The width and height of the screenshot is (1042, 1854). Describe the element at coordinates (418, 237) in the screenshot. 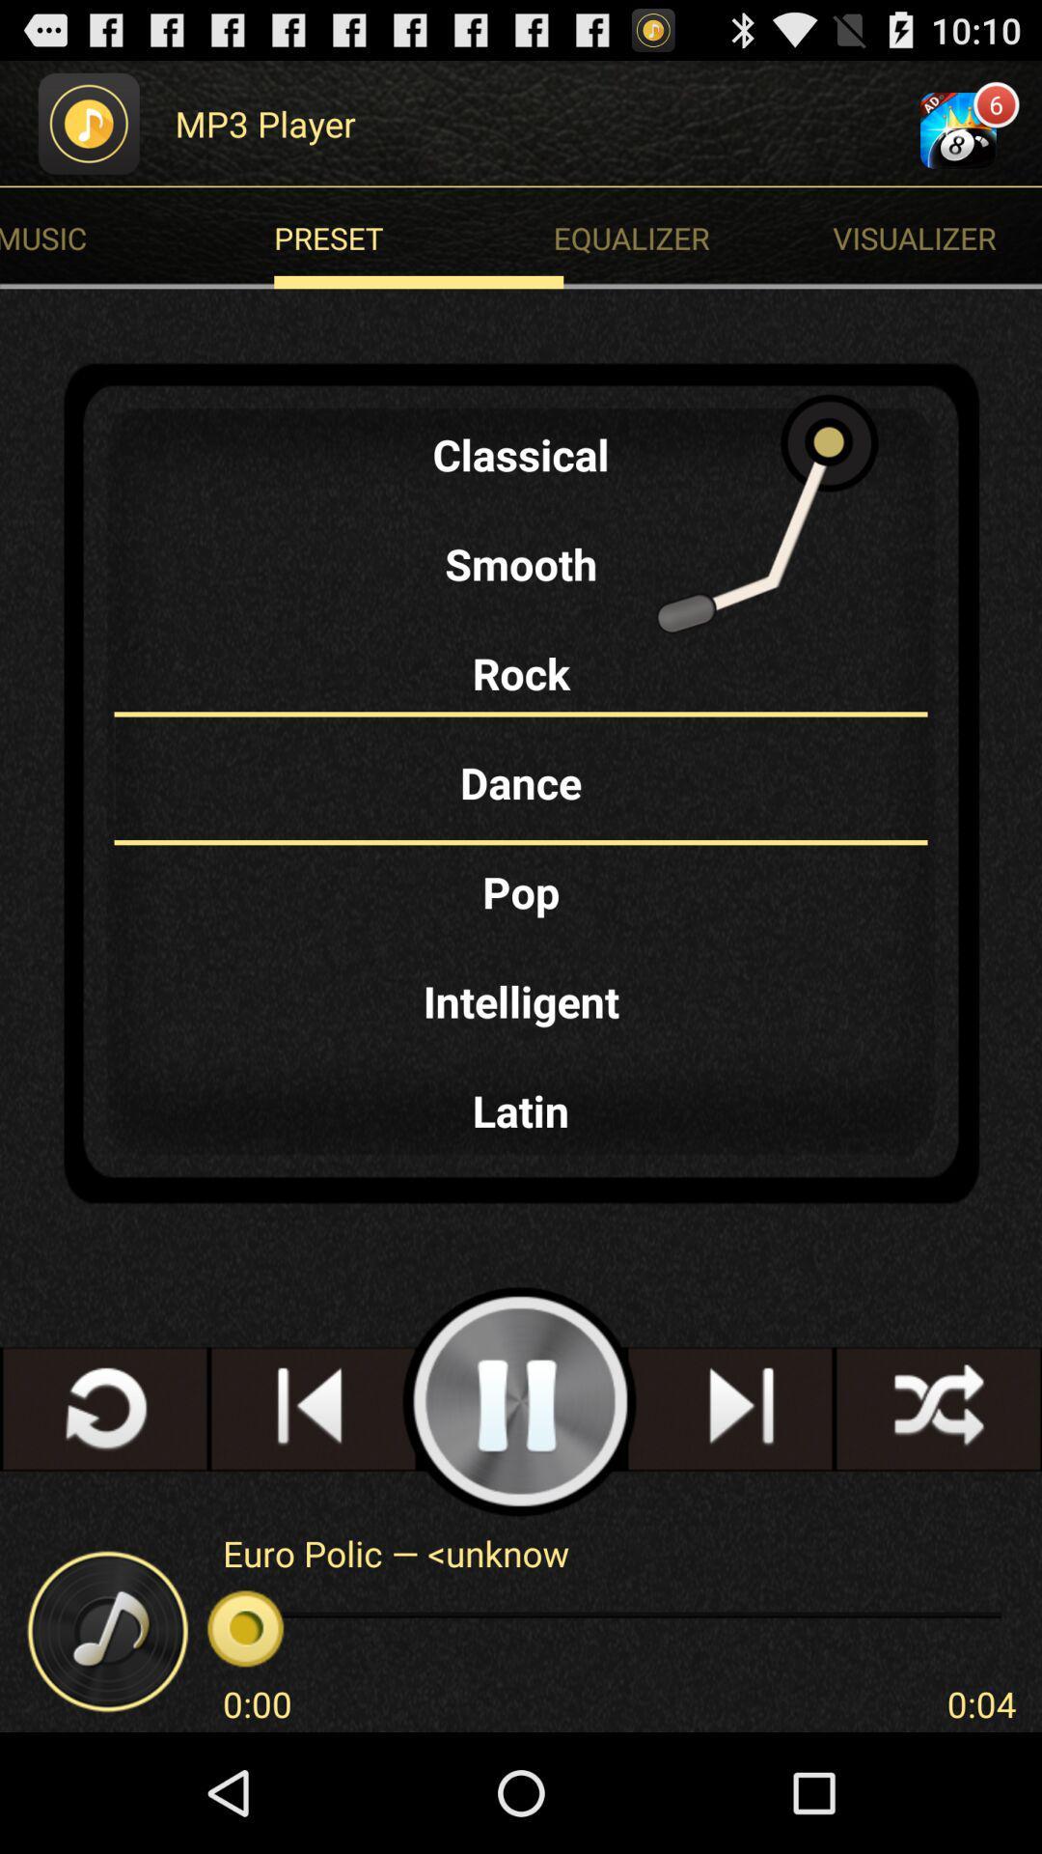

I see `radio button to the left of visualizer icon` at that location.